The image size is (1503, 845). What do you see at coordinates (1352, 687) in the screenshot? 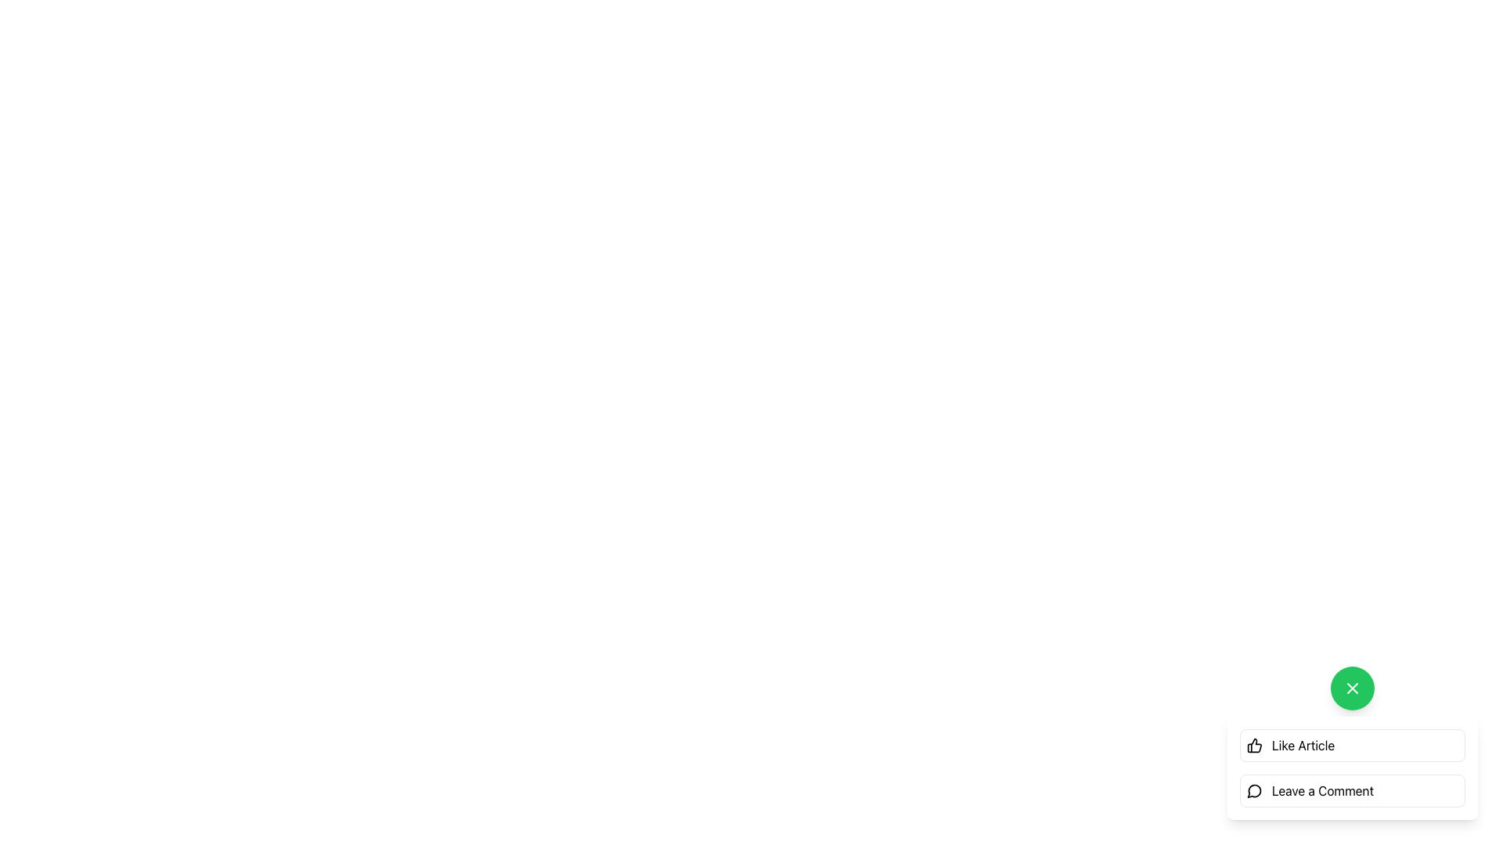
I see `the circular green button with a white 'X' icon at the top-right corner of the panel` at bounding box center [1352, 687].